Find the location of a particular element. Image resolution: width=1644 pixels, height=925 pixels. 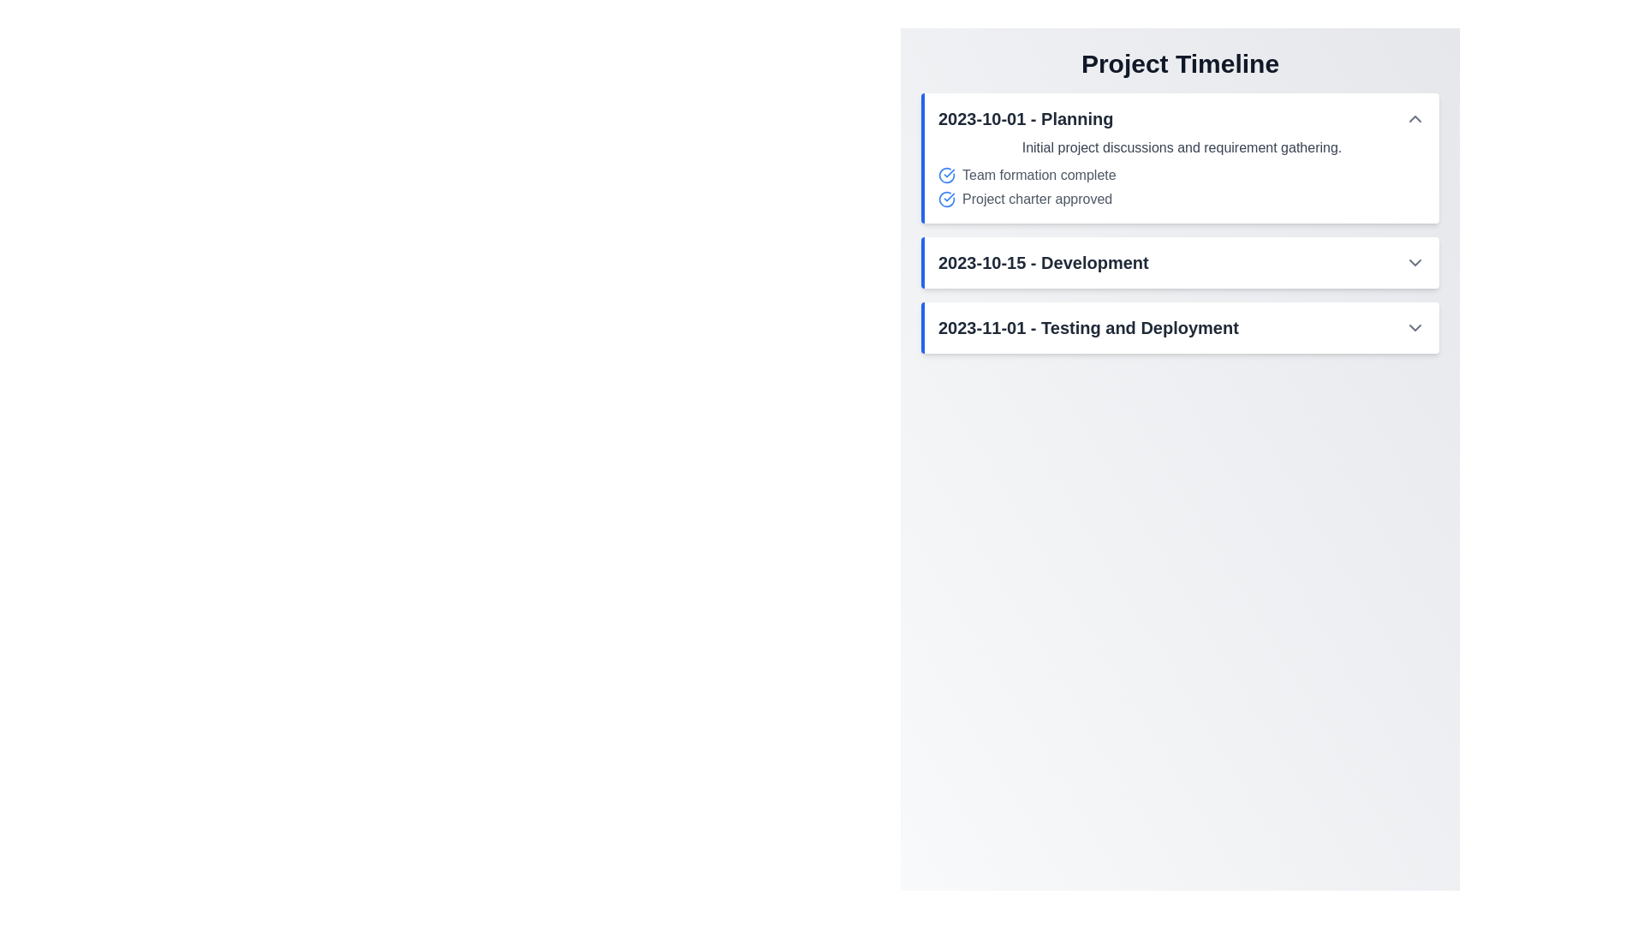

the circular blue checkmark icon indicating task progress, located to the left of the text 'Team formation complete' in the '2023-10-01 - Planning' section of the 'Project Timeline' is located at coordinates (945, 175).